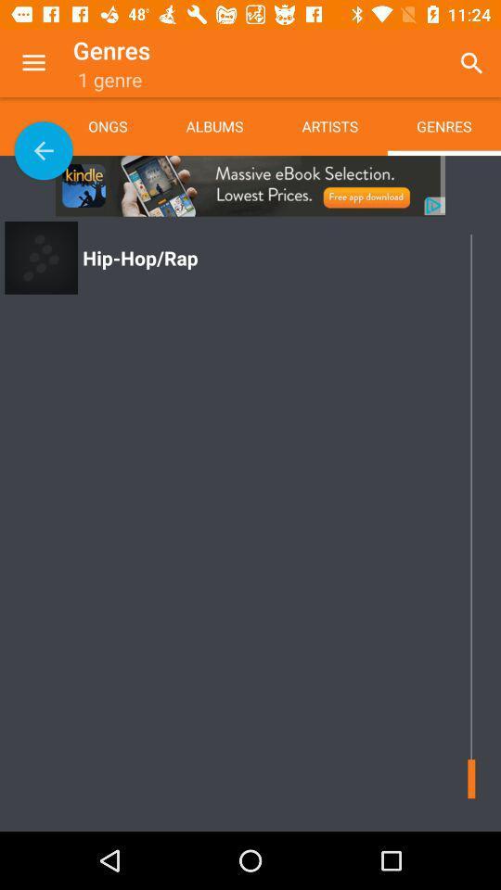  What do you see at coordinates (44, 149) in the screenshot?
I see `see more music labels` at bounding box center [44, 149].